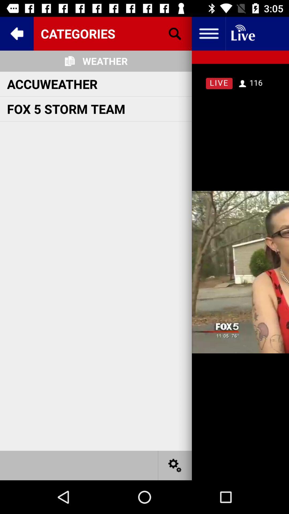 This screenshot has height=514, width=289. Describe the element at coordinates (175, 33) in the screenshot. I see `the search icon` at that location.